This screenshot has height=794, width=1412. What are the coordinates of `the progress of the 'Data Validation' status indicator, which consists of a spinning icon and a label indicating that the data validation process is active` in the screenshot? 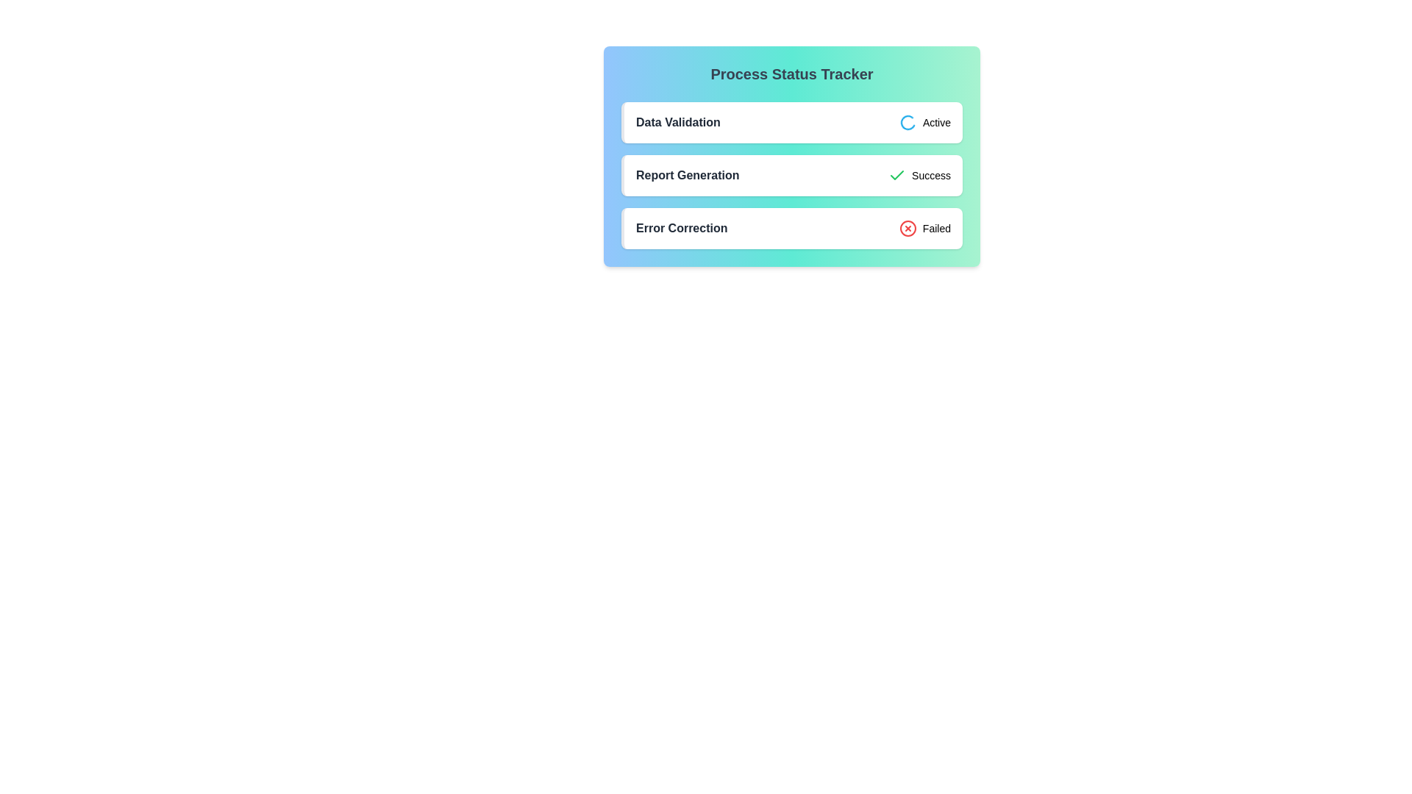 It's located at (924, 121).